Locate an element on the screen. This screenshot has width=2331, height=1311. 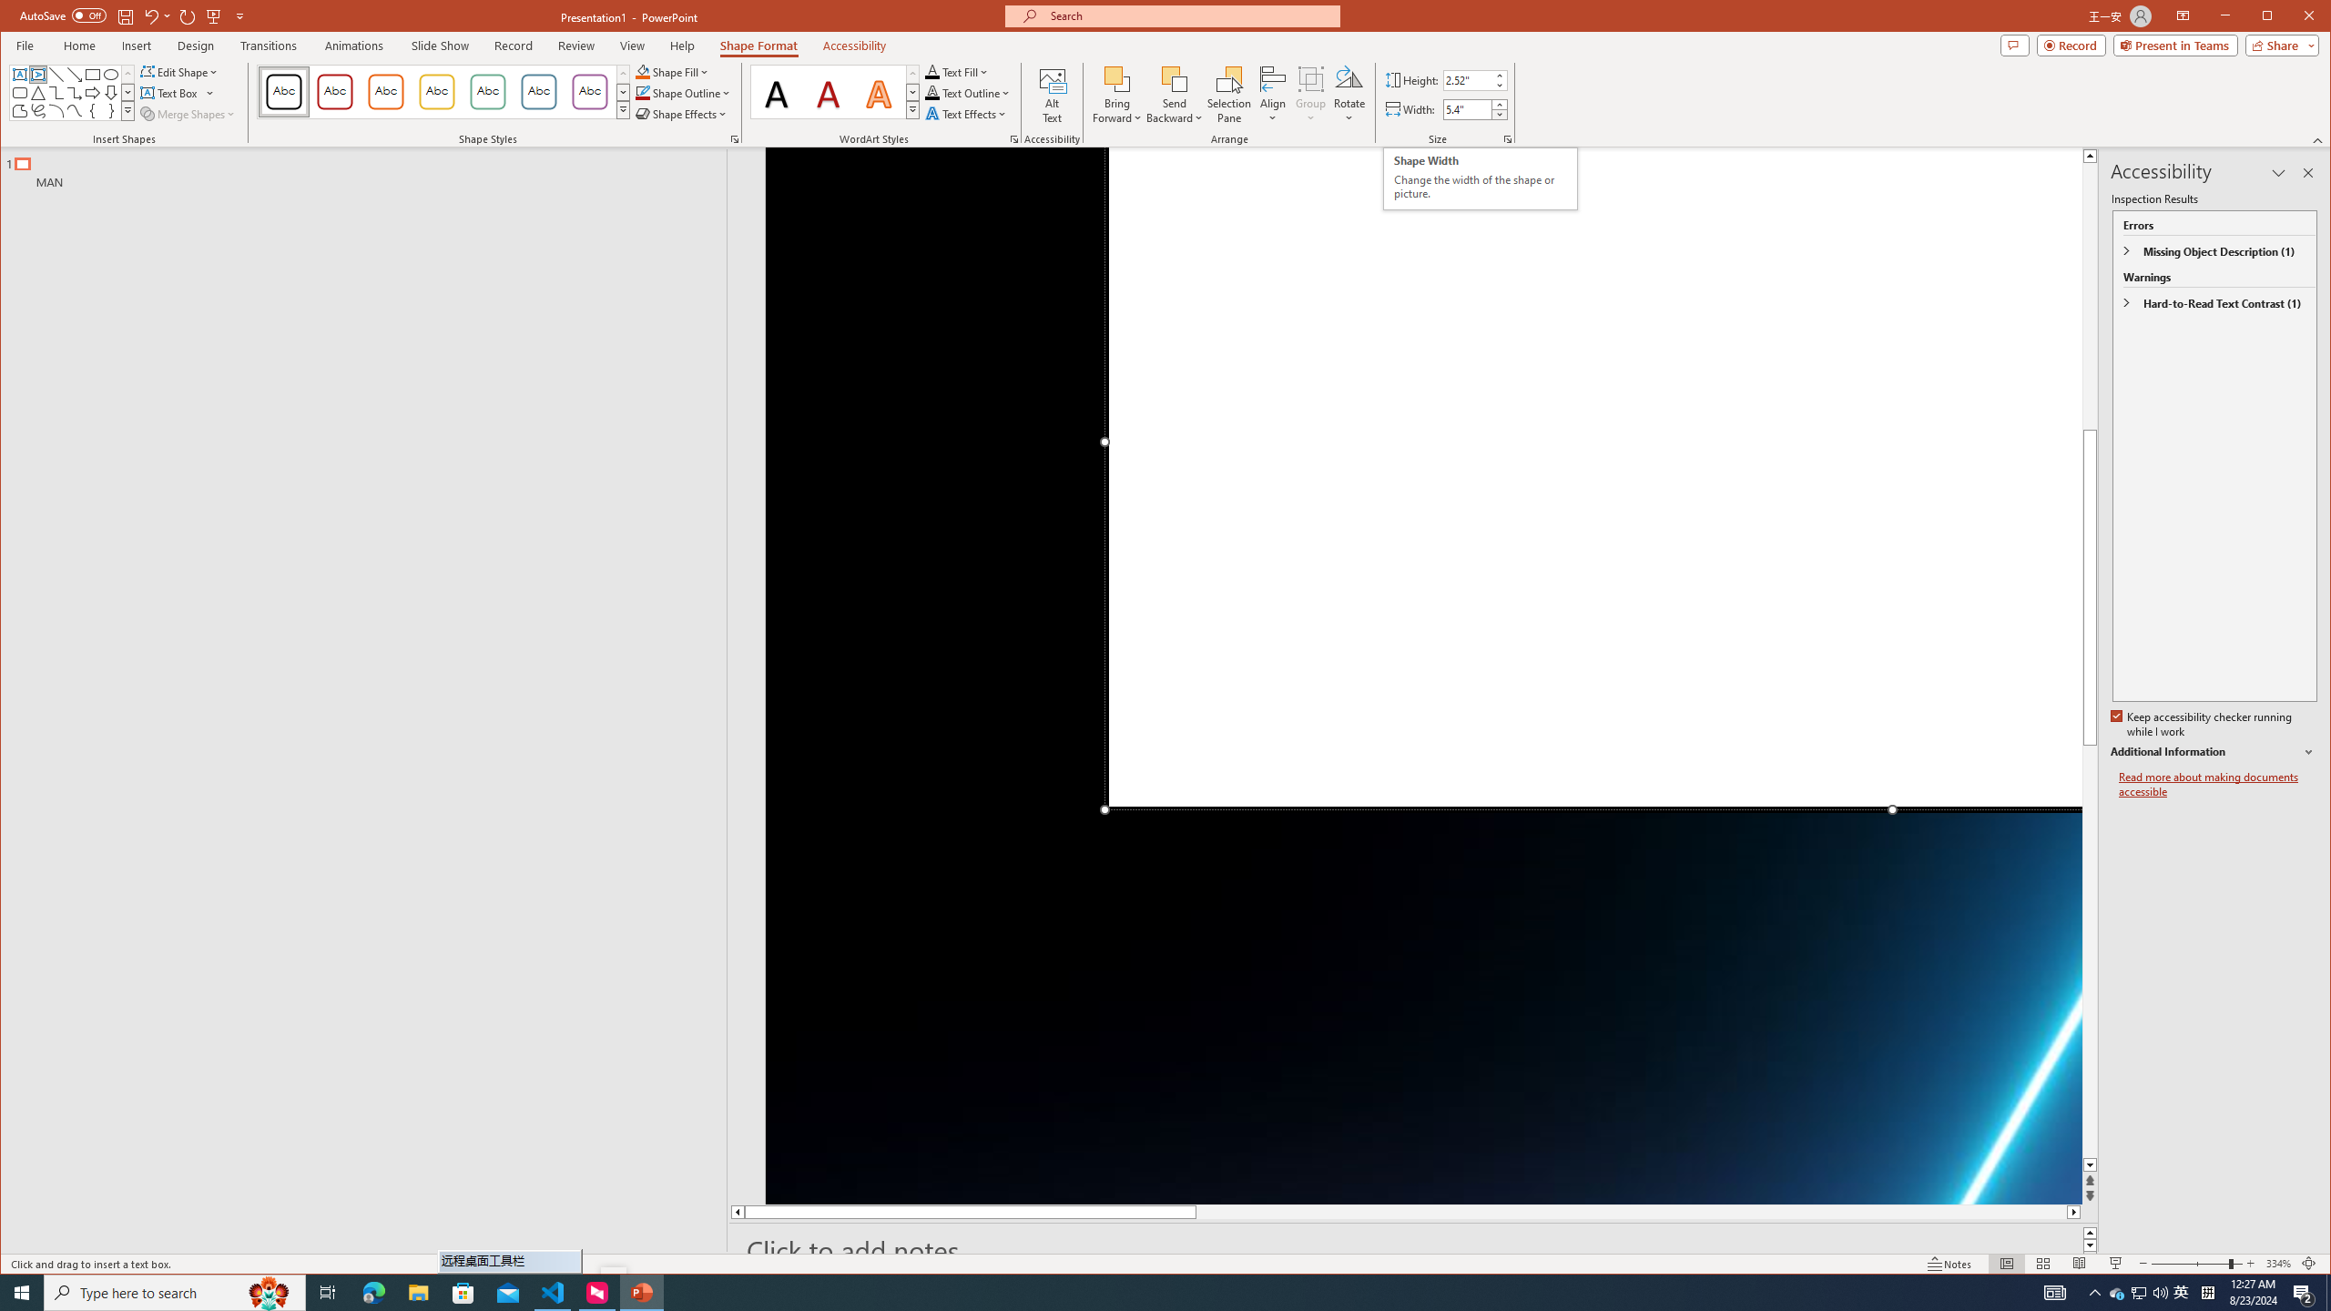
'Text Outline' is located at coordinates (968, 93).